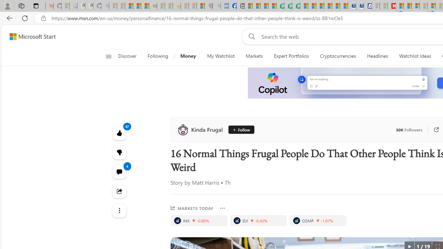 The image size is (443, 249). I want to click on 'INX, S&P 500. Price is 5,570.64. Decreased by -0.89%', so click(198, 220).